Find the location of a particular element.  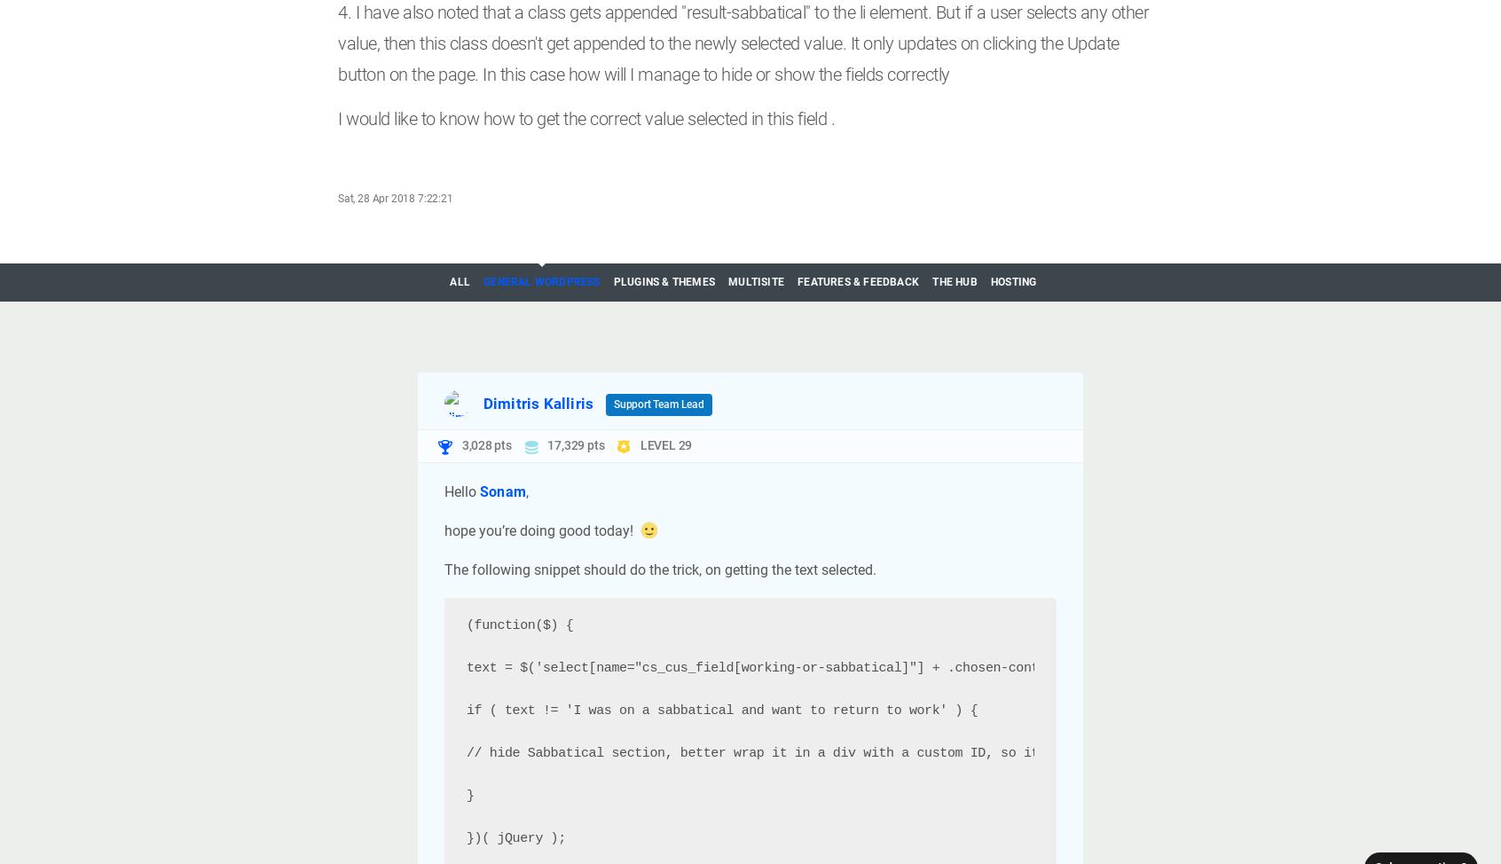

'Plugins & Themes' is located at coordinates (663, 280).